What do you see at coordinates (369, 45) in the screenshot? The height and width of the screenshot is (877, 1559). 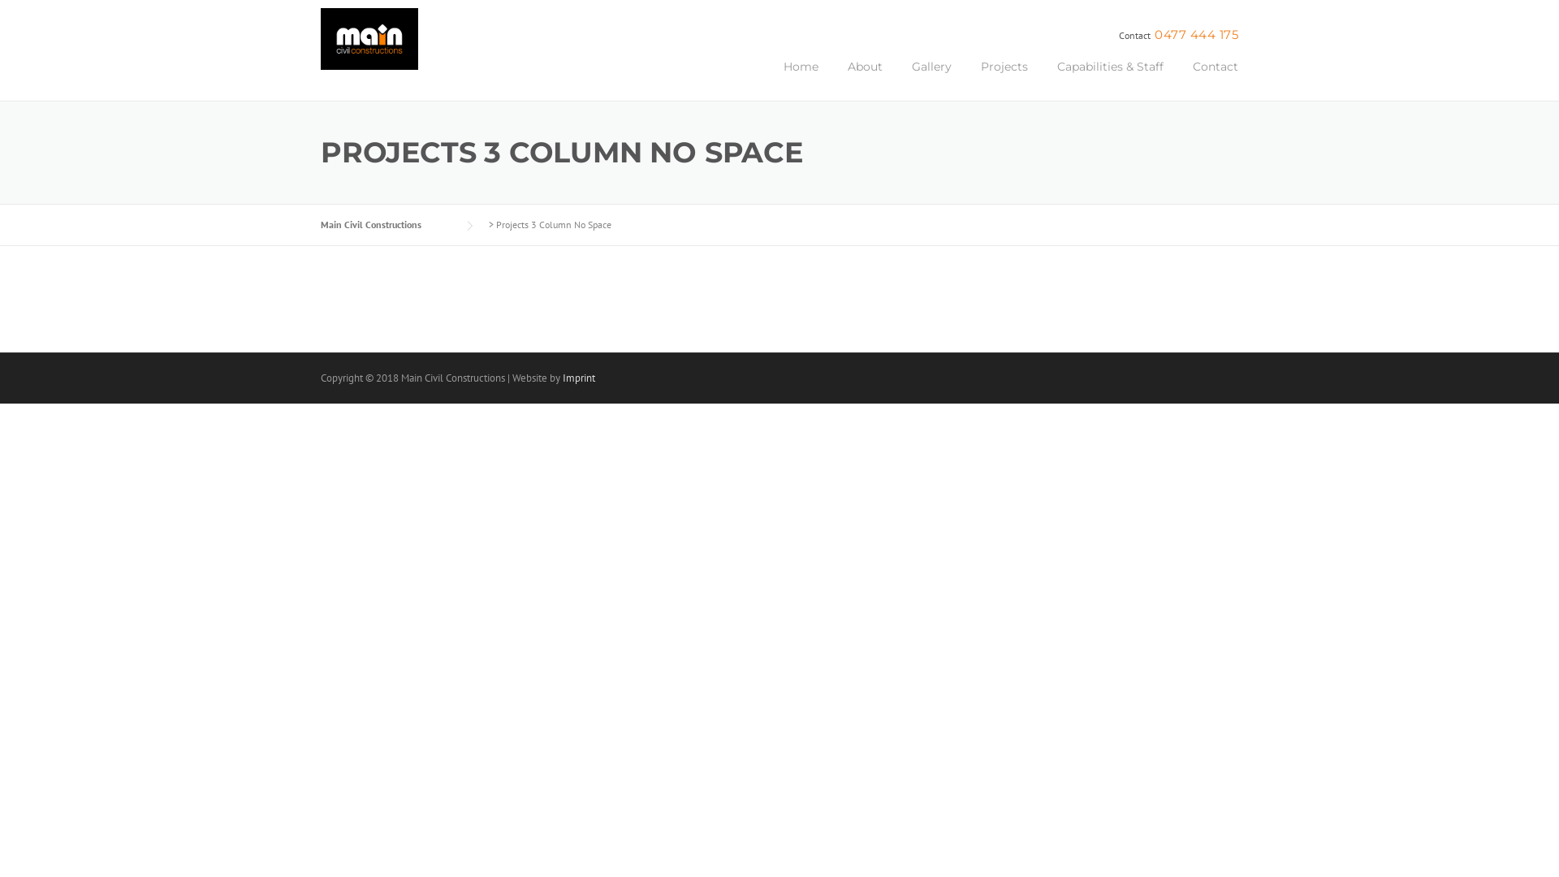 I see `'Main Civil Constructions'` at bounding box center [369, 45].